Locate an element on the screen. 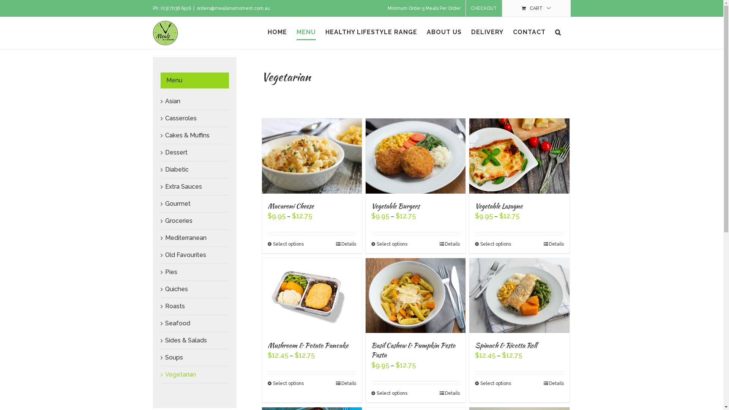 Image resolution: width=729 pixels, height=410 pixels. 'HOME' is located at coordinates (276, 32).